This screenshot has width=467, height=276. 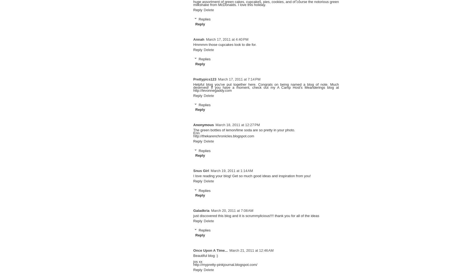 What do you see at coordinates (266, 87) in the screenshot?
I see `'Helpful blog you've put together here. Congrats on being named a blog of note. Much deserved! If you have a moment, check out my A Camp Host's Meanderings blog at http://levonnegaddy.com'` at bounding box center [266, 87].